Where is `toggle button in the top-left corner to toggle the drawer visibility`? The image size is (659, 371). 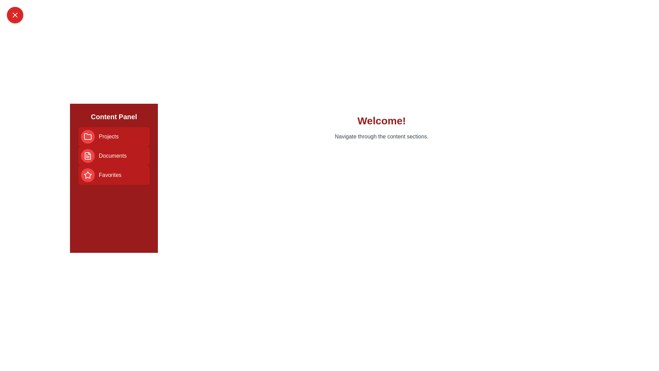 toggle button in the top-left corner to toggle the drawer visibility is located at coordinates (15, 15).